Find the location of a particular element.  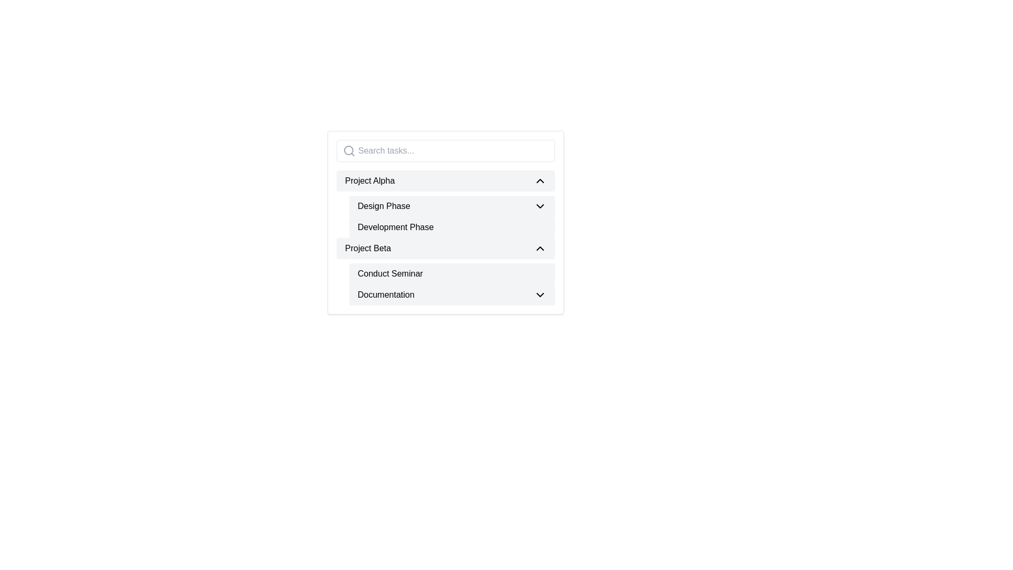

the selectable list item labeled 'Development Phase' is located at coordinates (452, 227).